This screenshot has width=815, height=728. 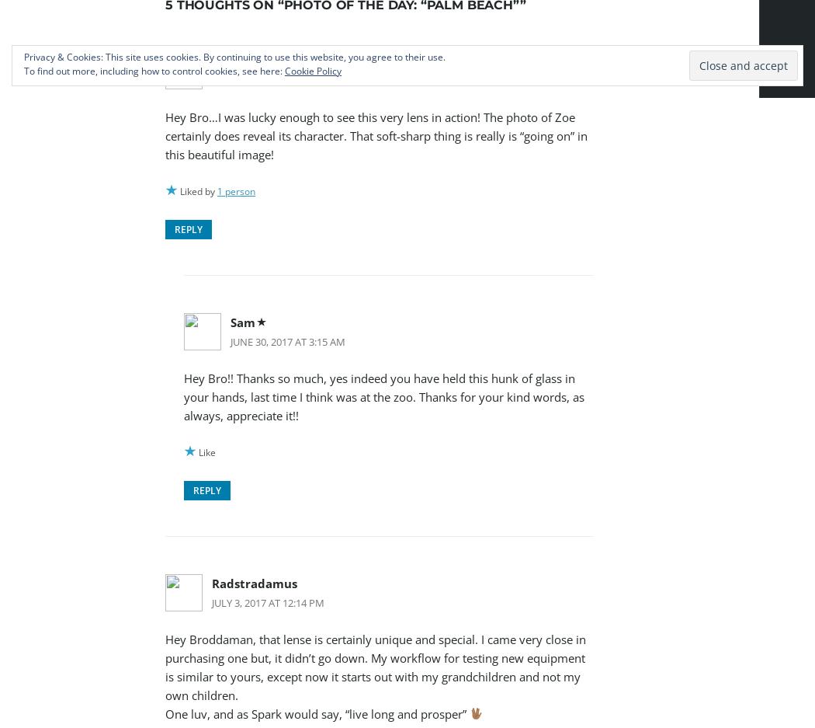 I want to click on 'Liked by', so click(x=198, y=190).